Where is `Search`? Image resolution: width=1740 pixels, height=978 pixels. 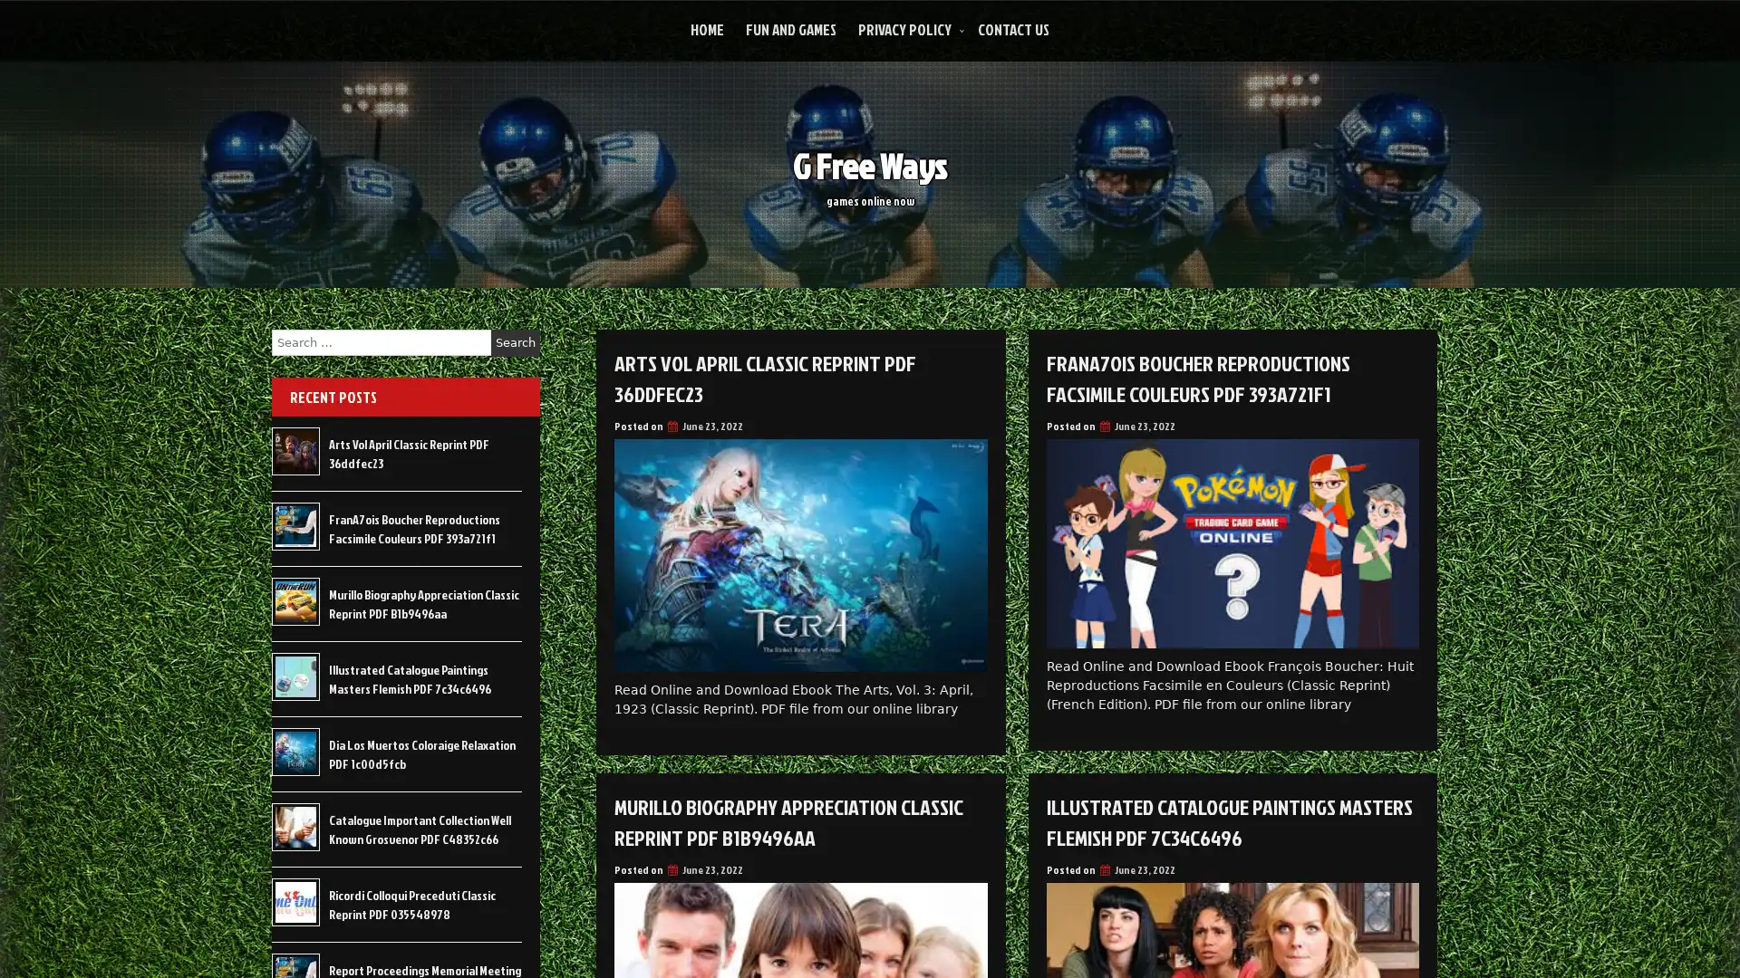 Search is located at coordinates (515, 342).